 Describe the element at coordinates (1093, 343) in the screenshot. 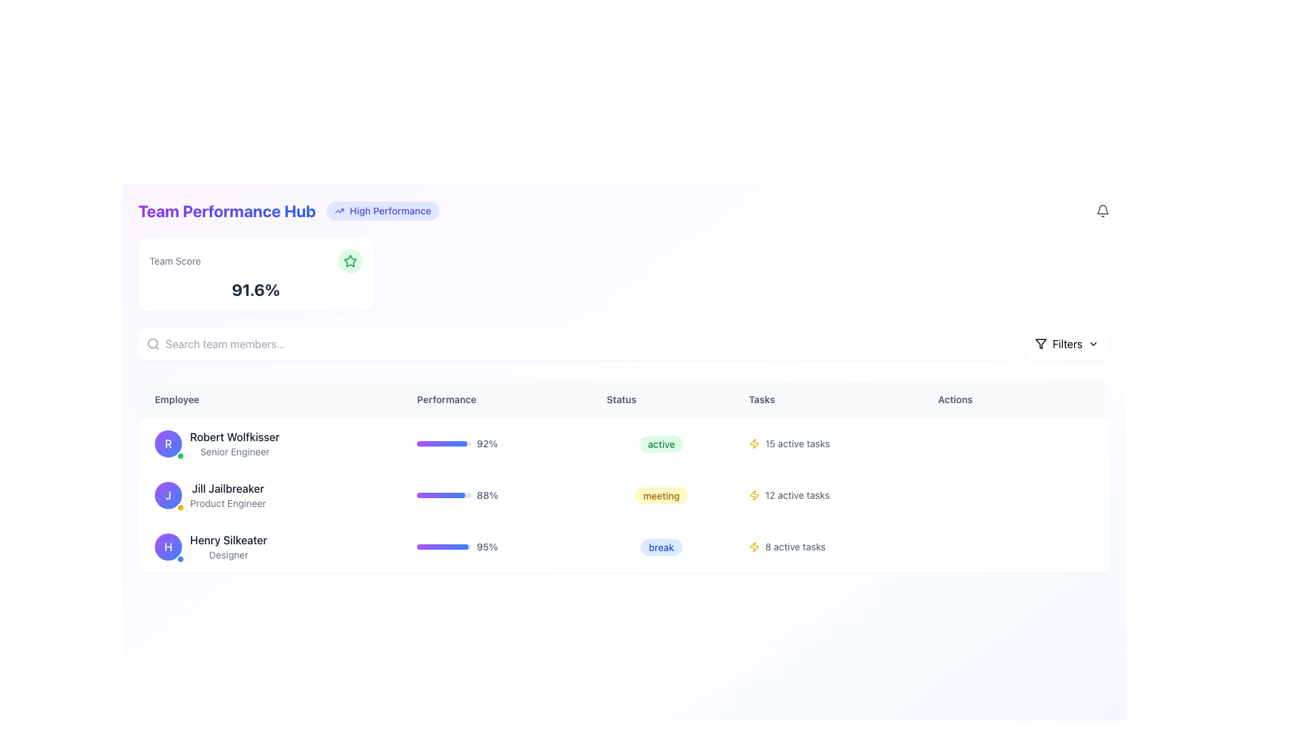

I see `the decorative chevron-down icon within the Filters button` at that location.